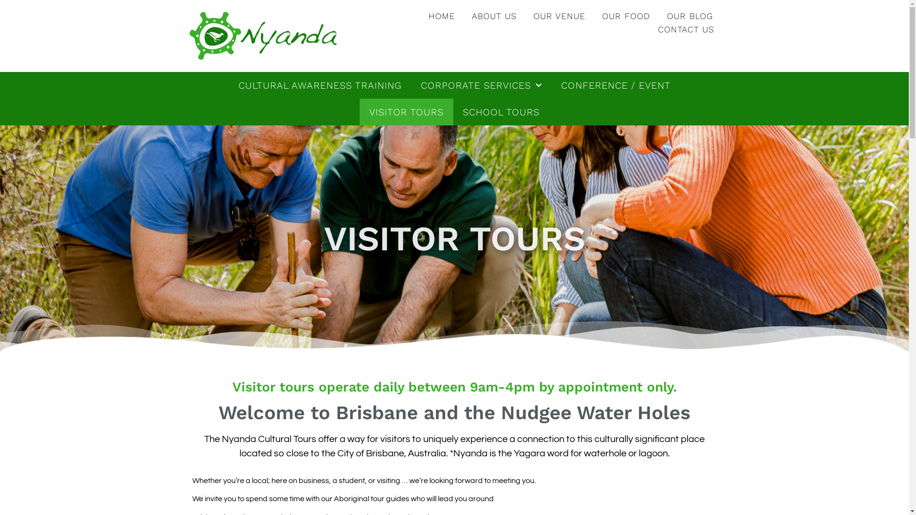  Describe the element at coordinates (359, 112) in the screenshot. I see `'VISITOR TOURS'` at that location.